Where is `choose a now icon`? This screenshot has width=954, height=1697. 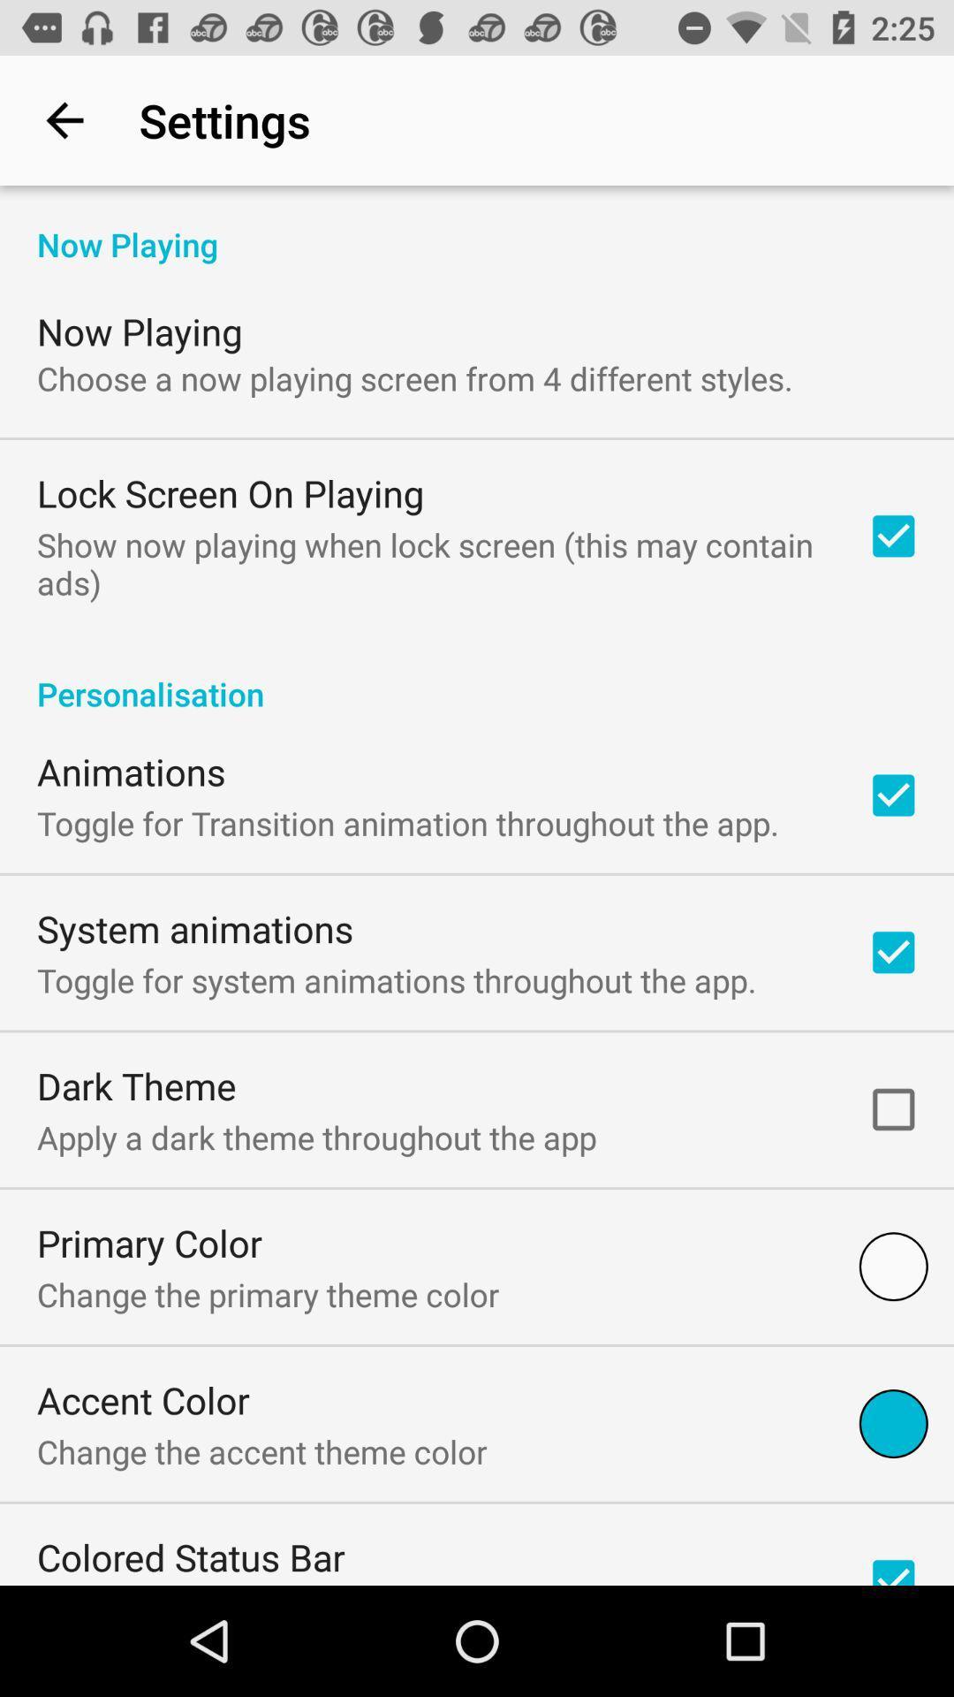
choose a now icon is located at coordinates (414, 377).